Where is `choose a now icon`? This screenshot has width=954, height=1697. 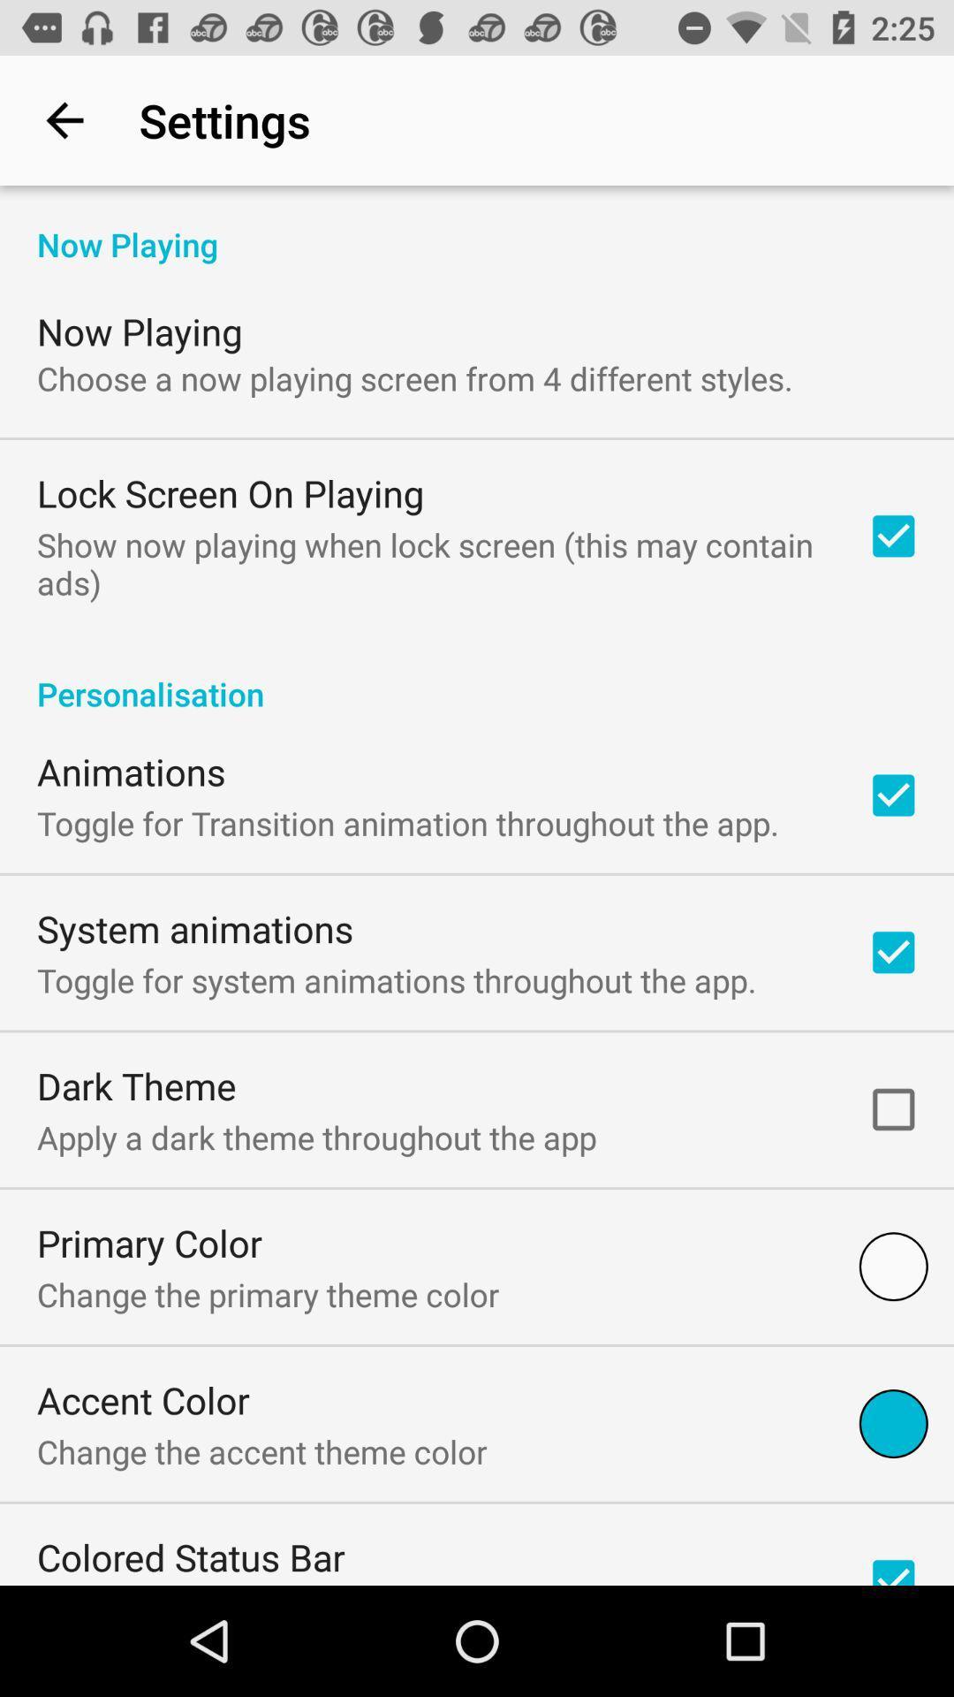
choose a now icon is located at coordinates (414, 377).